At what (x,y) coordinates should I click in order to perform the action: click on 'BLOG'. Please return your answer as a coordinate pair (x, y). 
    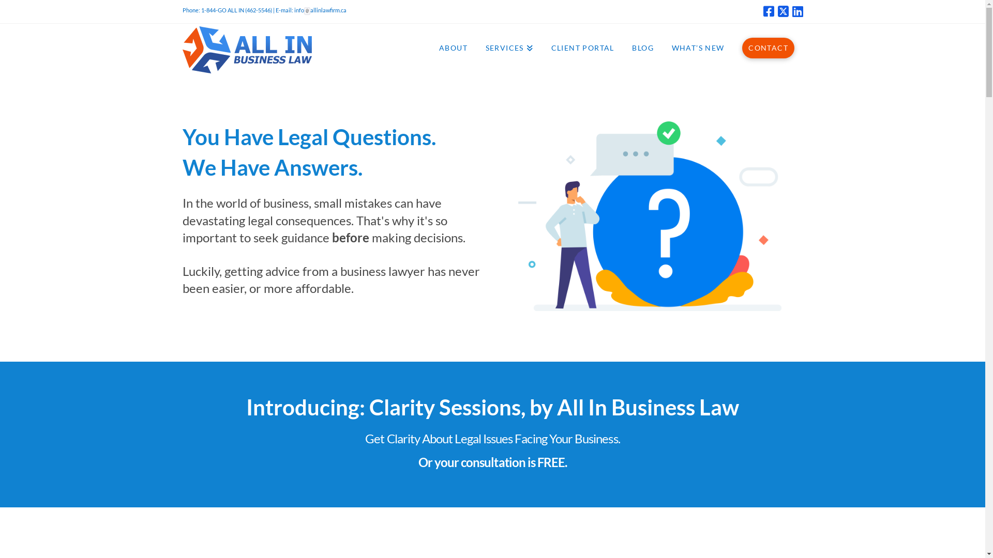
    Looking at the image, I should click on (642, 47).